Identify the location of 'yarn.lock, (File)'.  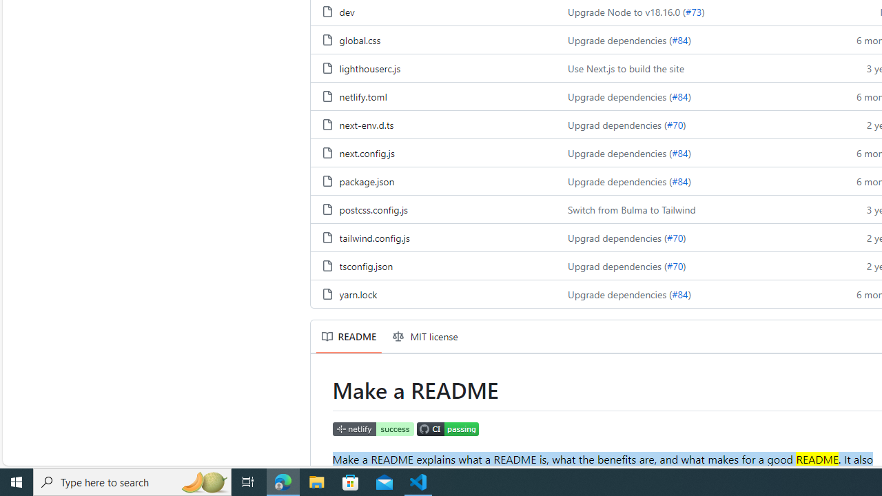
(358, 293).